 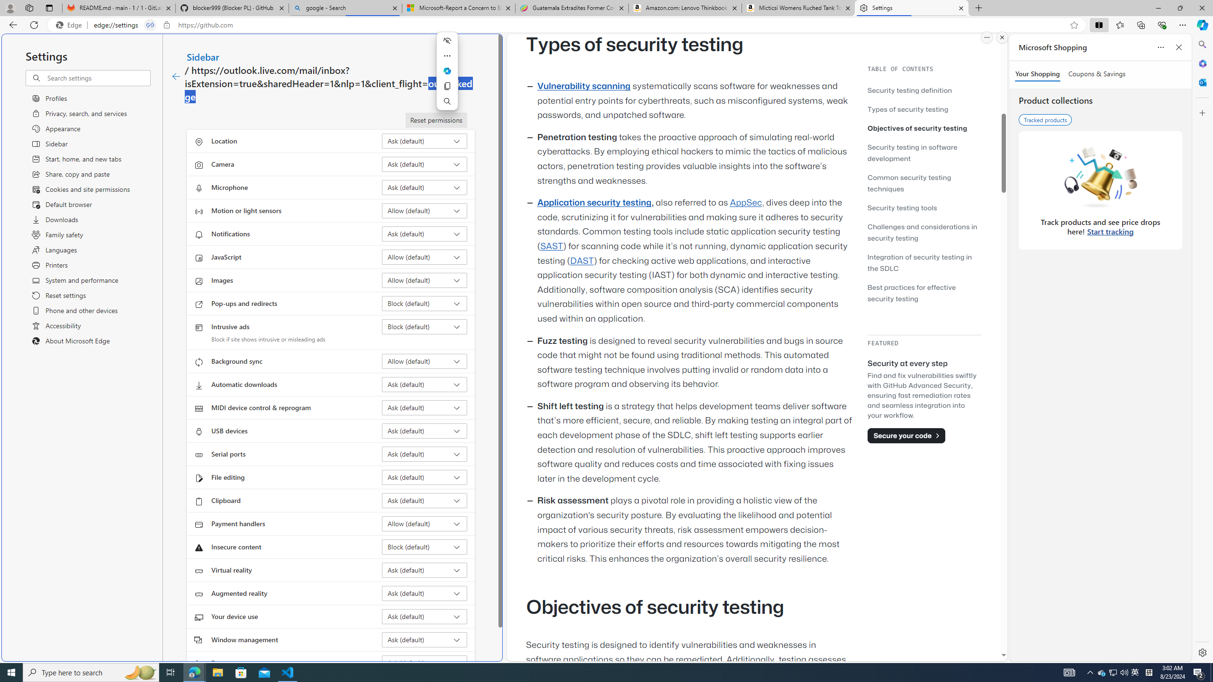 What do you see at coordinates (594, 203) in the screenshot?
I see `'Application security testing'` at bounding box center [594, 203].